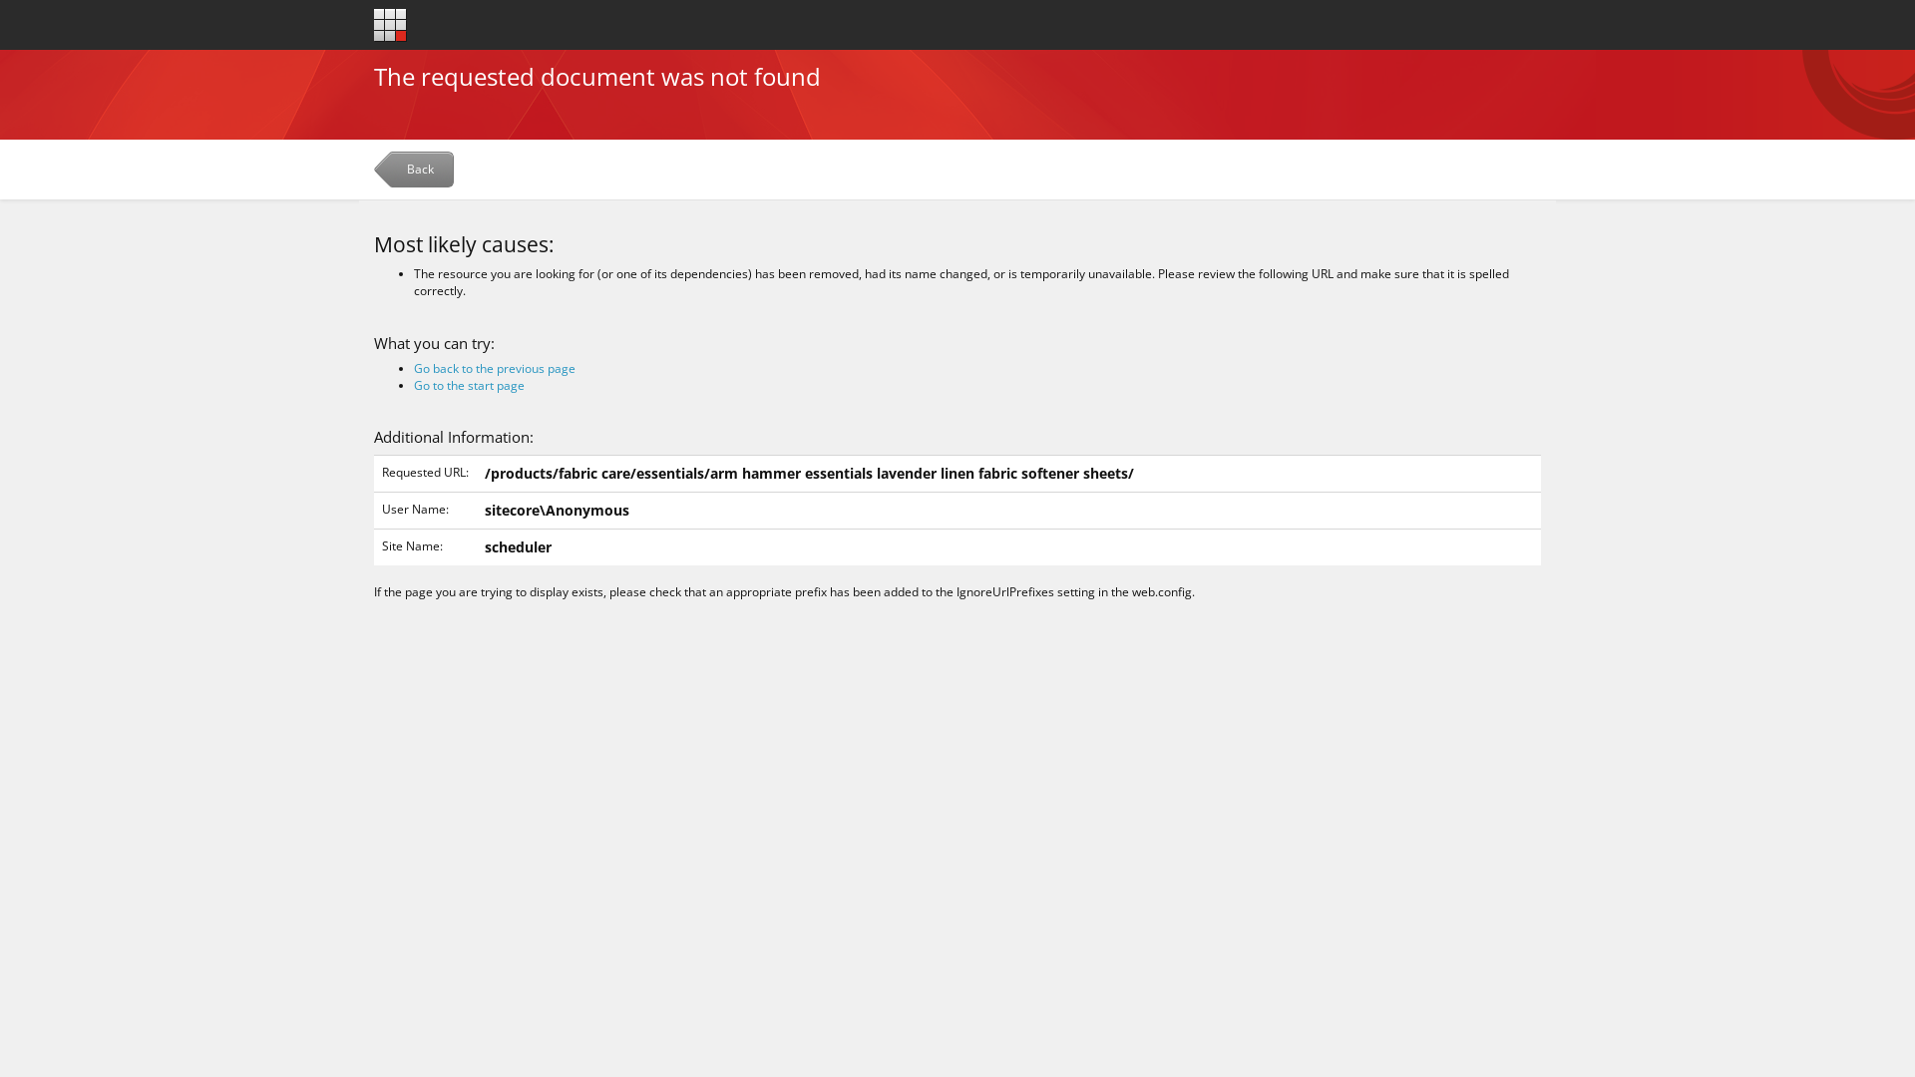  Describe the element at coordinates (415, 172) in the screenshot. I see `'Back'` at that location.